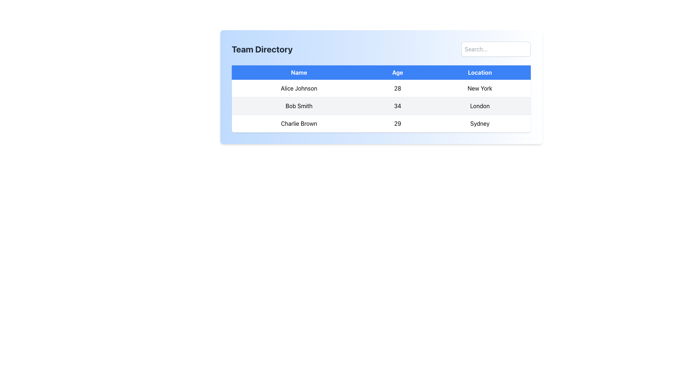  I want to click on the search bar located at the top-right corner next to the 'Team Directory' title by pressing the tab key, so click(496, 49).